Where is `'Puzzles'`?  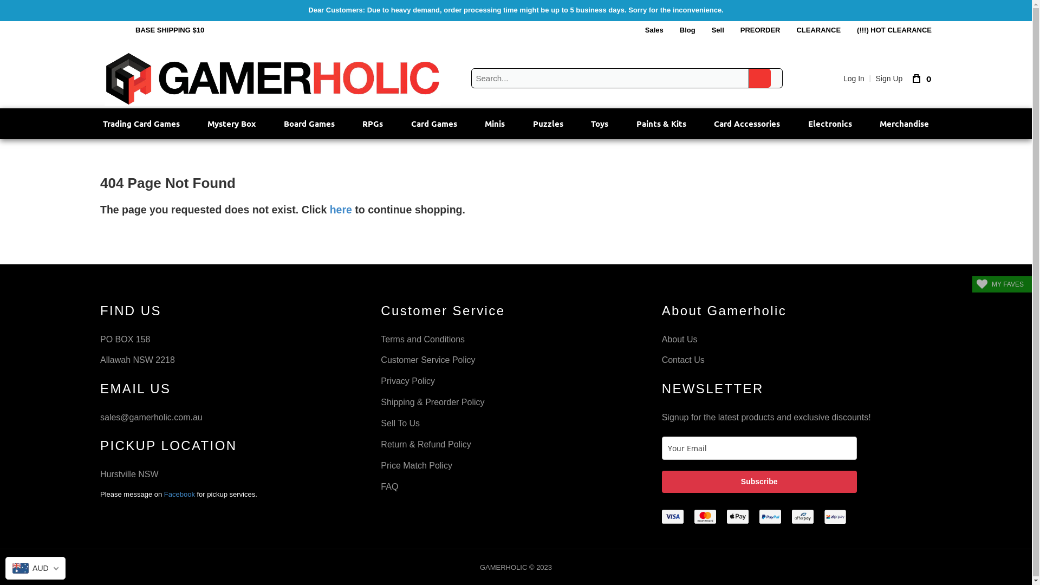 'Puzzles' is located at coordinates (548, 123).